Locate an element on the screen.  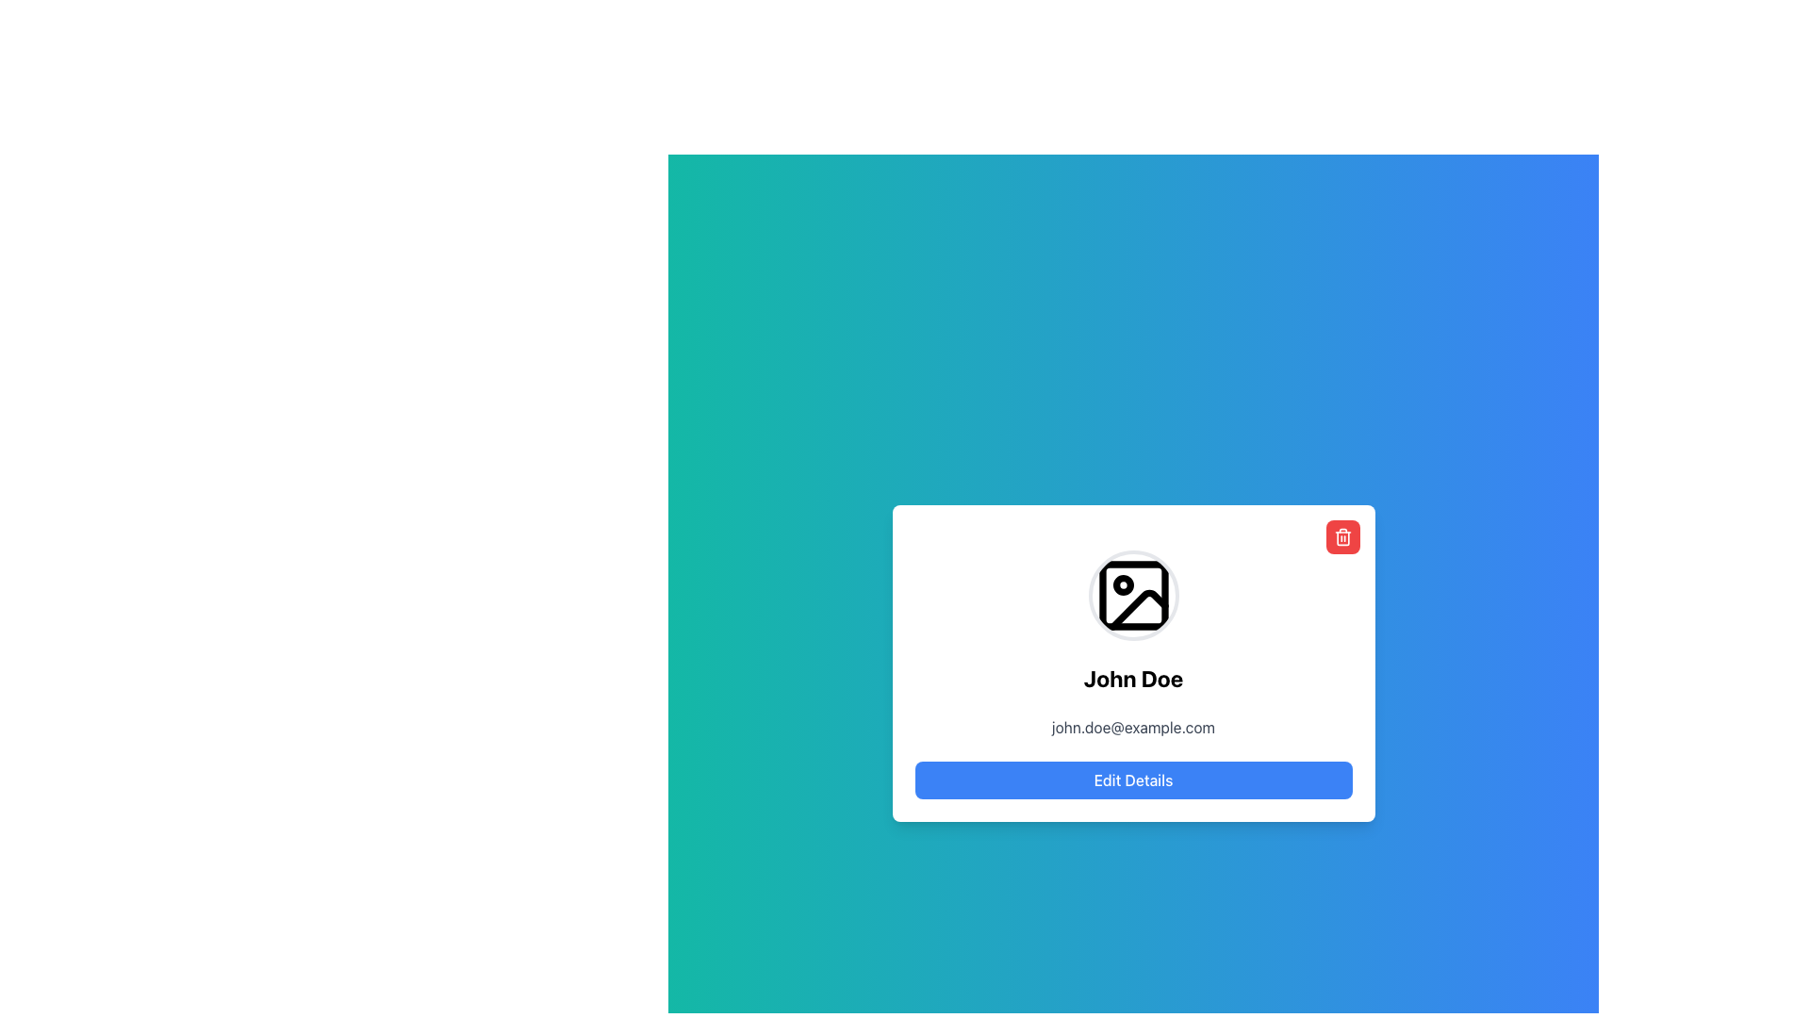
the Circle glyph, which is a visual indicator within the user profile image area, centrally positioned within the image icon at the top of the user profile card is located at coordinates (1123, 584).